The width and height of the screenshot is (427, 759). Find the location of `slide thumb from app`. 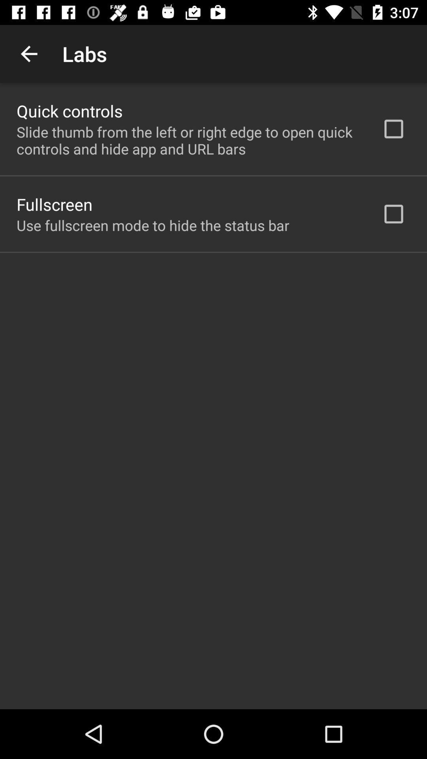

slide thumb from app is located at coordinates (189, 140).